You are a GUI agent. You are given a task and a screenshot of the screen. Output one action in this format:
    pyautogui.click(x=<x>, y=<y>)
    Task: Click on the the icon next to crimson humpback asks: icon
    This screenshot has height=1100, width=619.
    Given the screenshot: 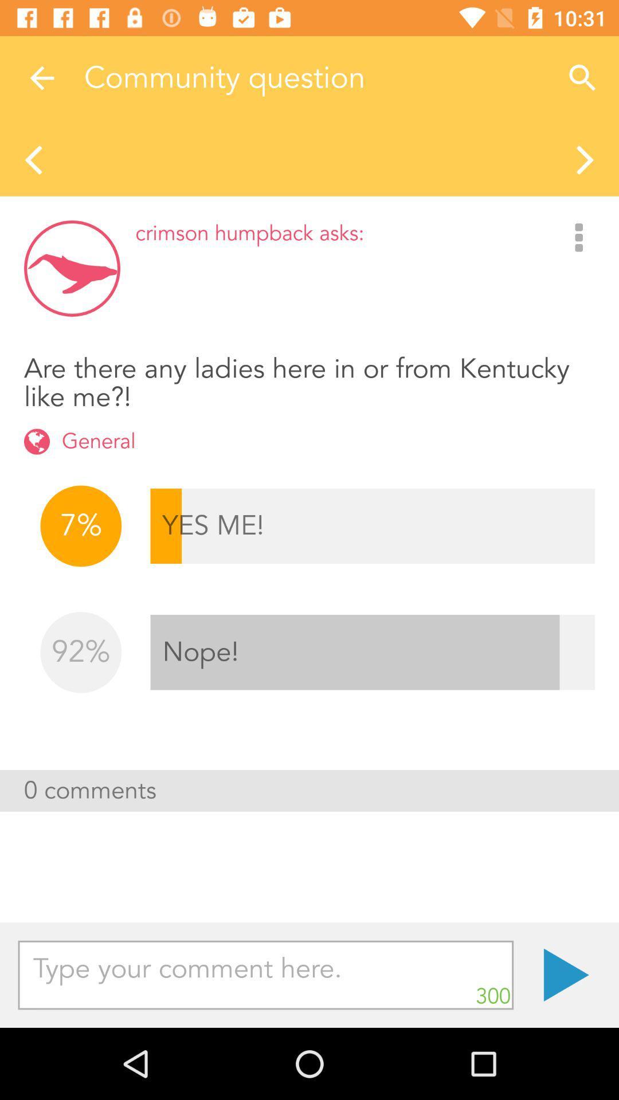 What is the action you would take?
    pyautogui.click(x=579, y=238)
    